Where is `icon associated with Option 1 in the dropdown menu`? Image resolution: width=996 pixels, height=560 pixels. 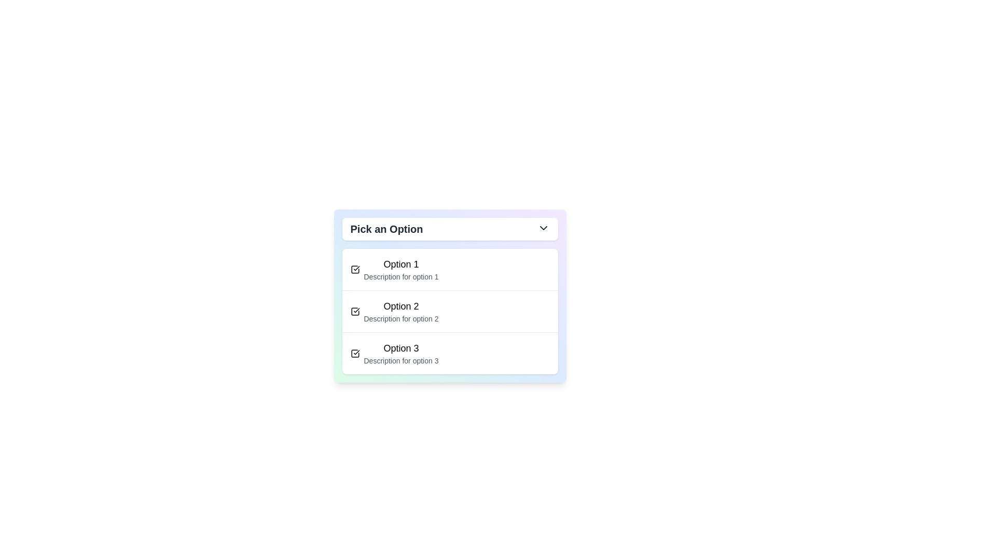 icon associated with Option 1 in the dropdown menu is located at coordinates (355, 269).